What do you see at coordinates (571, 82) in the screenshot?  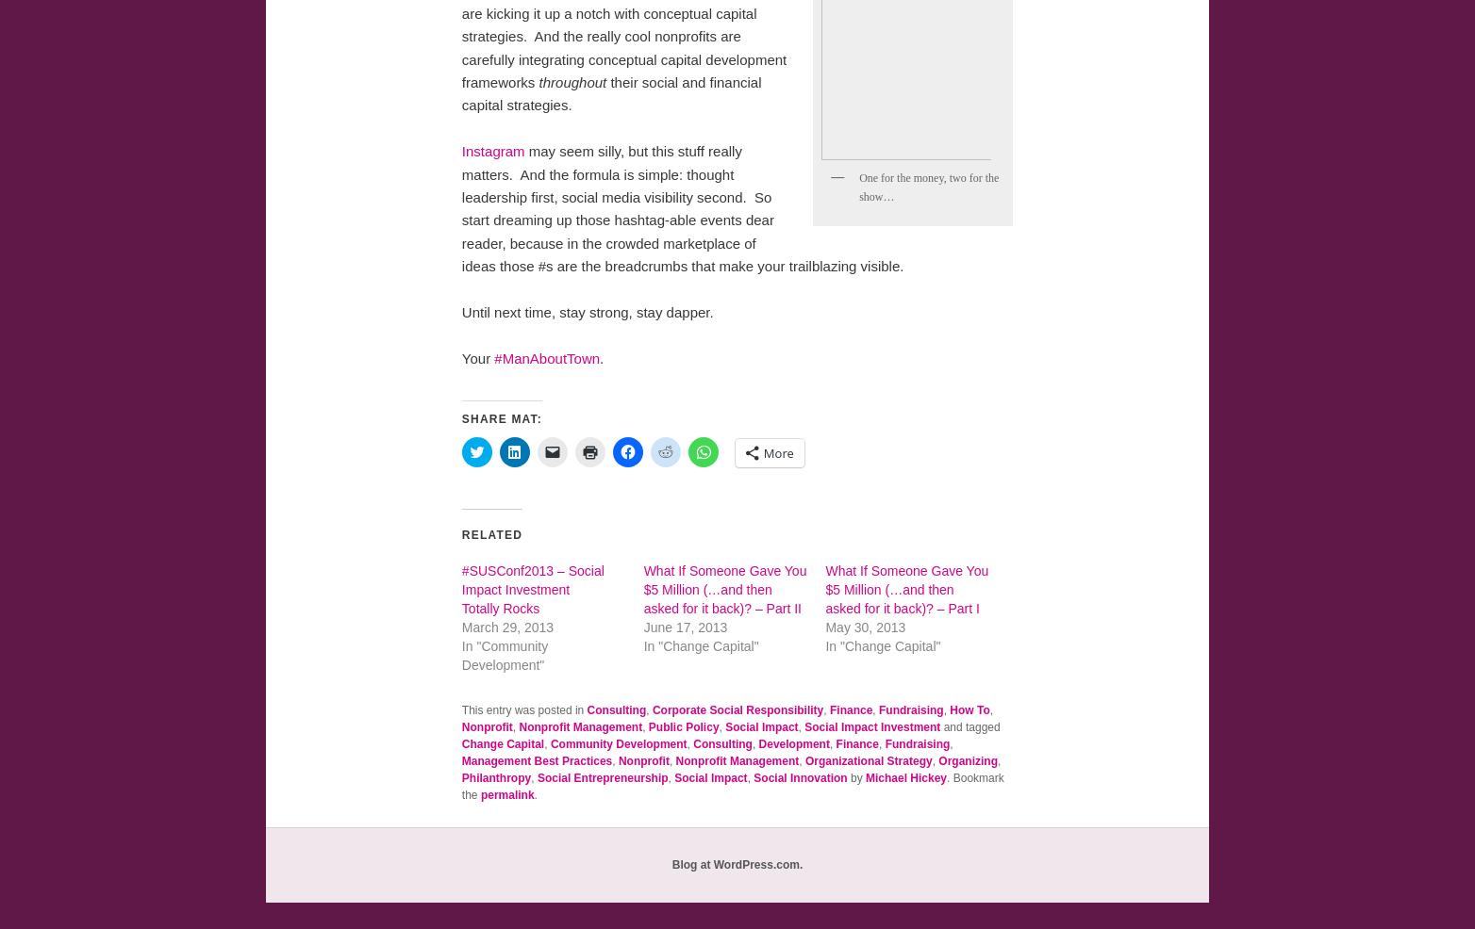 I see `'throughout'` at bounding box center [571, 82].